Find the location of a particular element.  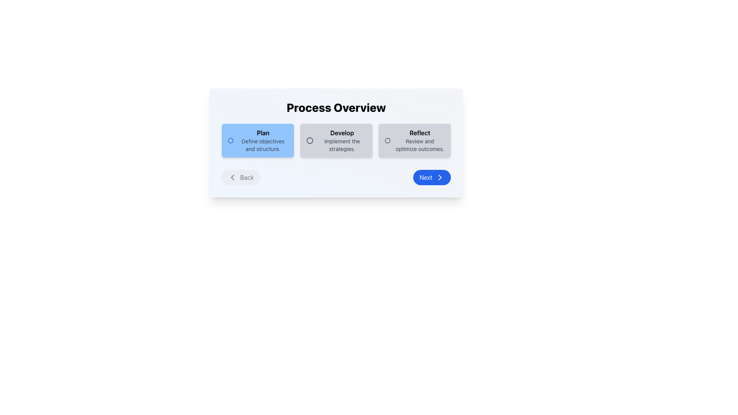

the 'Next' button located at the bottom-right corner of the 'Process Overview' section using keyboard navigation is located at coordinates (432, 178).